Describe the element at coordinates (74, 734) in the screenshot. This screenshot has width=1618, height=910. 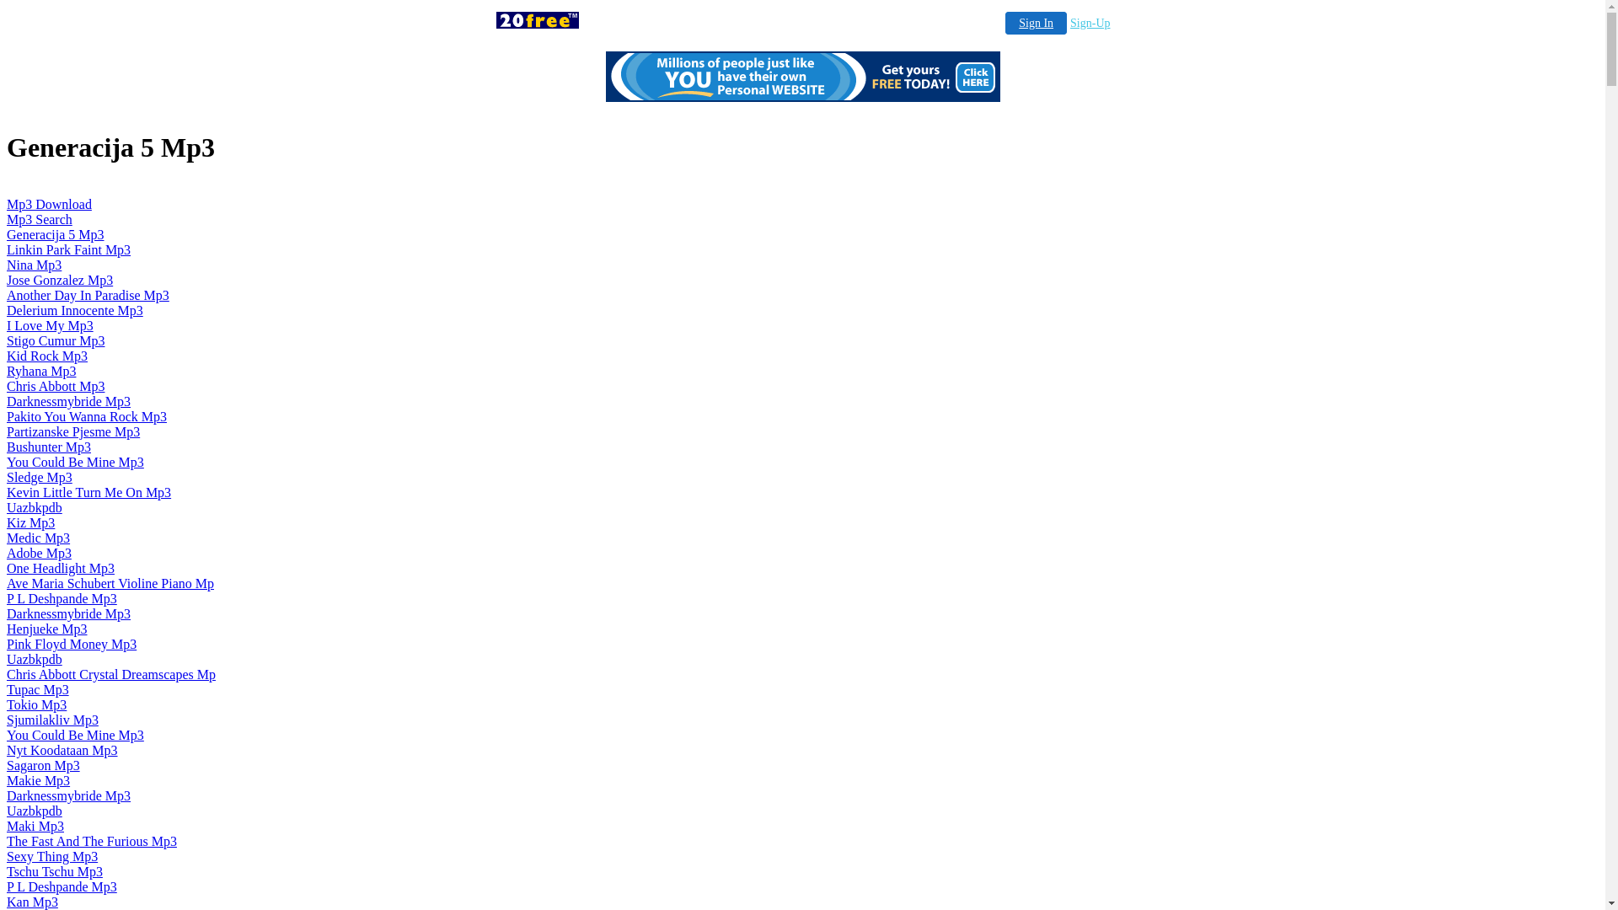
I see `'You Could Be Mine Mp3'` at that location.